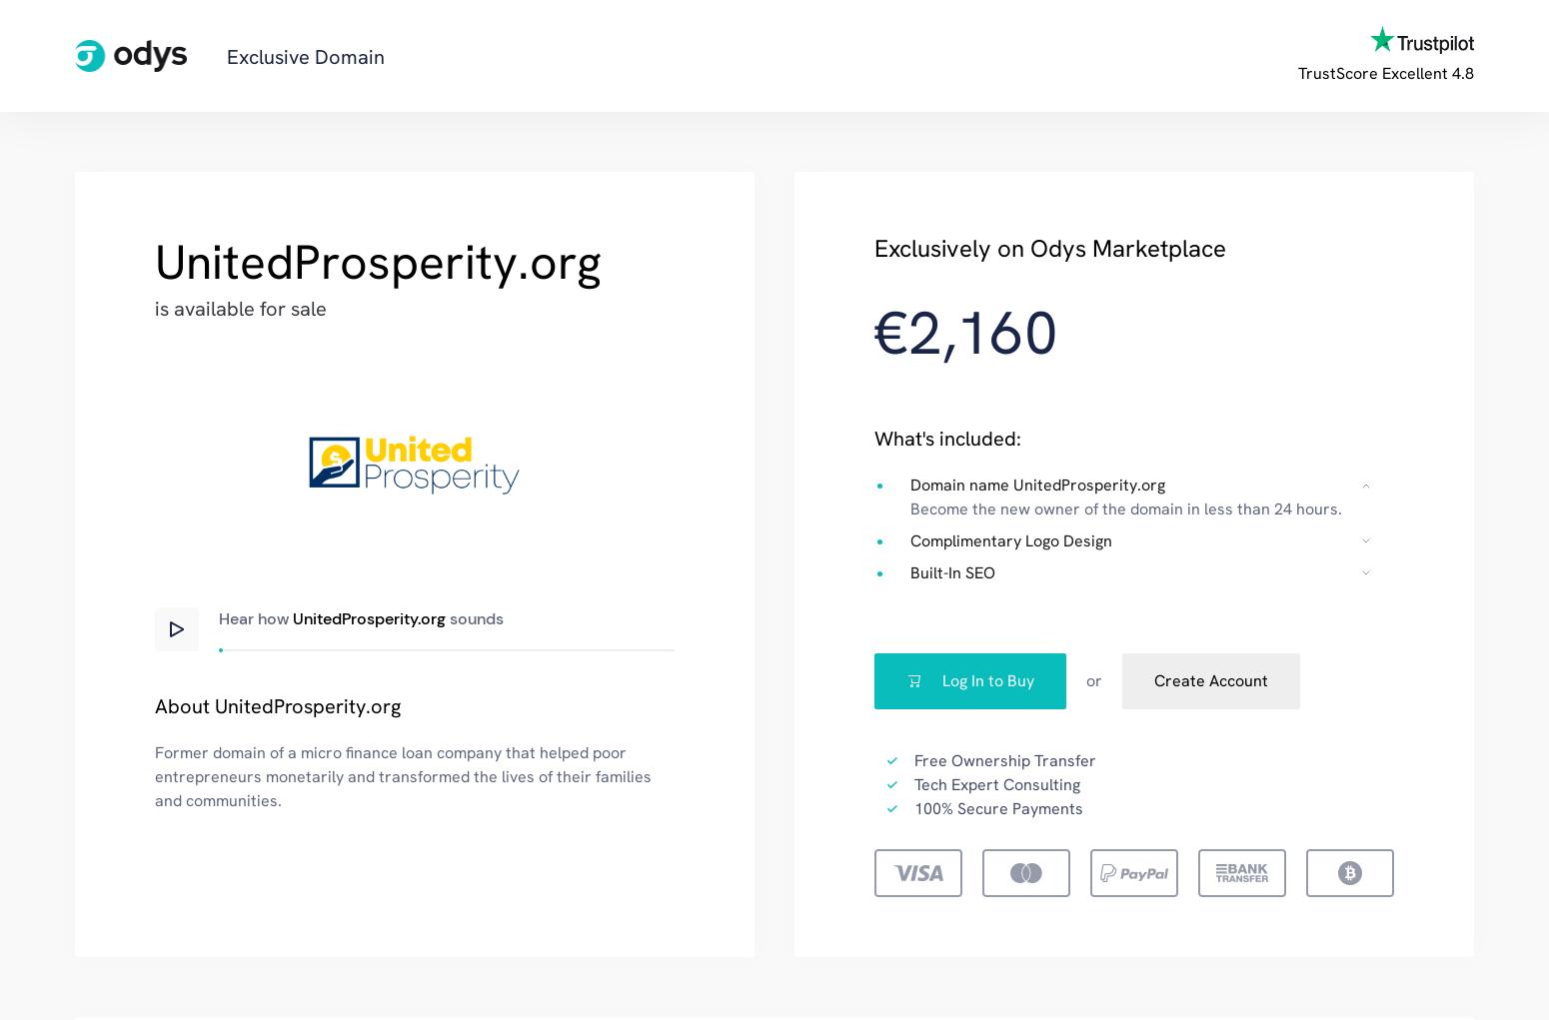  What do you see at coordinates (1210, 679) in the screenshot?
I see `'Create Account'` at bounding box center [1210, 679].